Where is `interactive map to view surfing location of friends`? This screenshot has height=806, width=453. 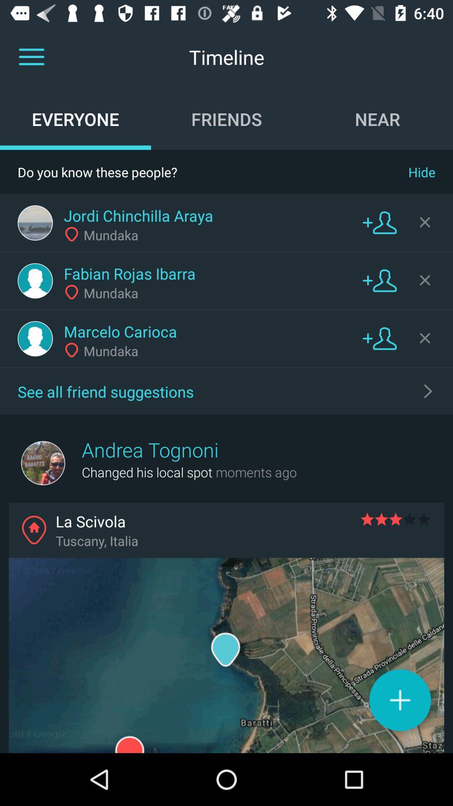
interactive map to view surfing location of friends is located at coordinates (226, 655).